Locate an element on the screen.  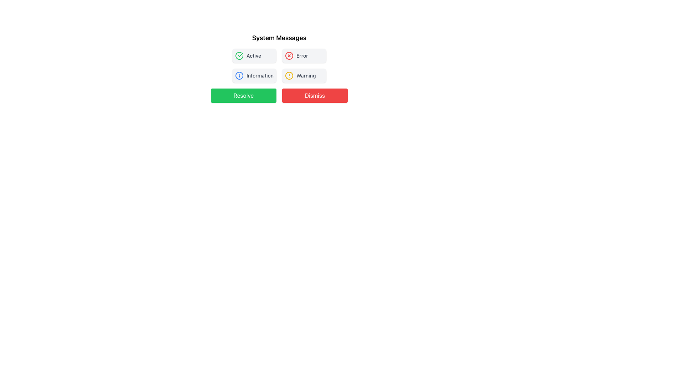
the red 'Dismiss' button with white text is located at coordinates (314, 95).